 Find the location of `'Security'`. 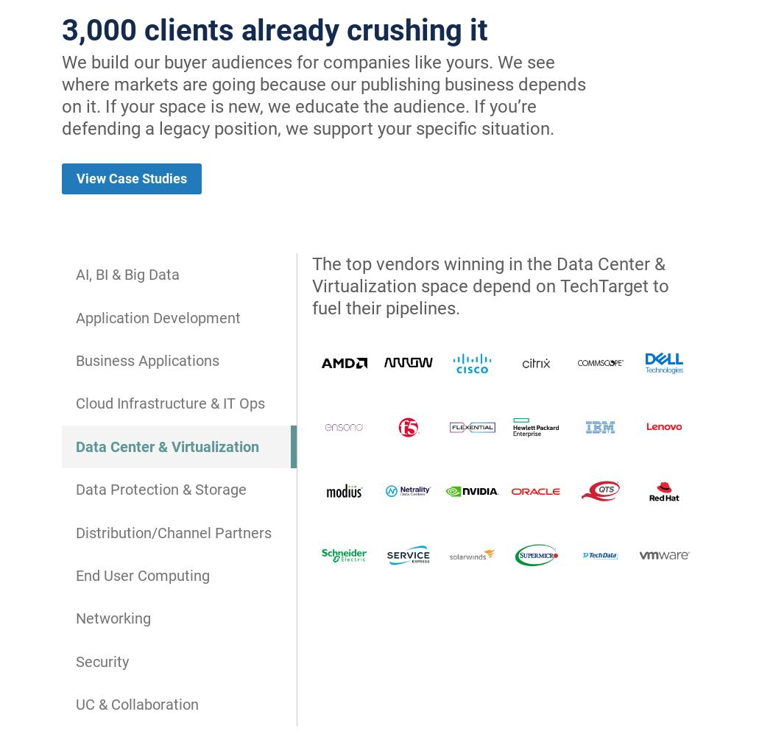

'Security' is located at coordinates (102, 660).